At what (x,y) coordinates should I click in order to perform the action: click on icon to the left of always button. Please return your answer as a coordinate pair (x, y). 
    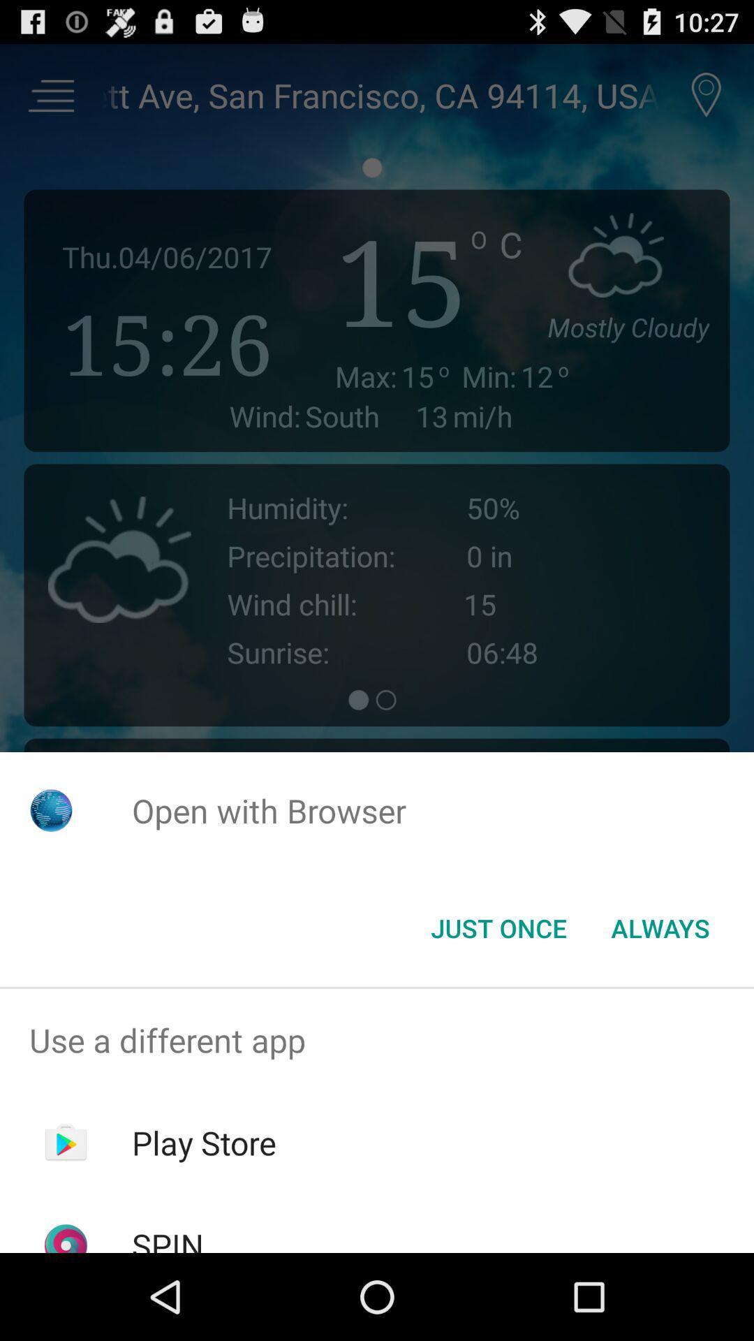
    Looking at the image, I should click on (498, 928).